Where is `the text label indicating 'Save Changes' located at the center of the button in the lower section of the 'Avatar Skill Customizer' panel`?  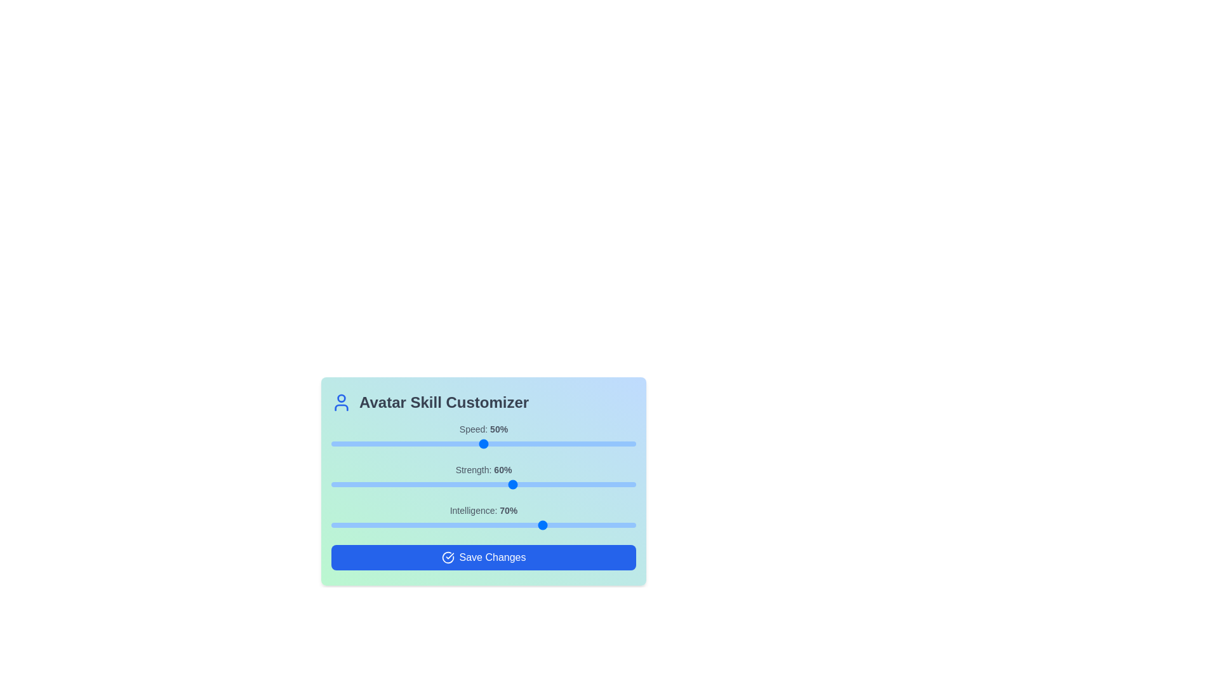 the text label indicating 'Save Changes' located at the center of the button in the lower section of the 'Avatar Skill Customizer' panel is located at coordinates (492, 557).